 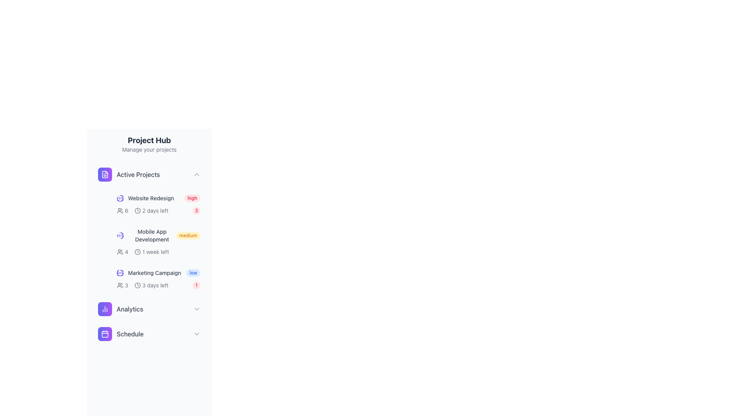 What do you see at coordinates (104, 174) in the screenshot?
I see `the first SVG icon under the 'Active Projects' heading in the left sidebar` at bounding box center [104, 174].